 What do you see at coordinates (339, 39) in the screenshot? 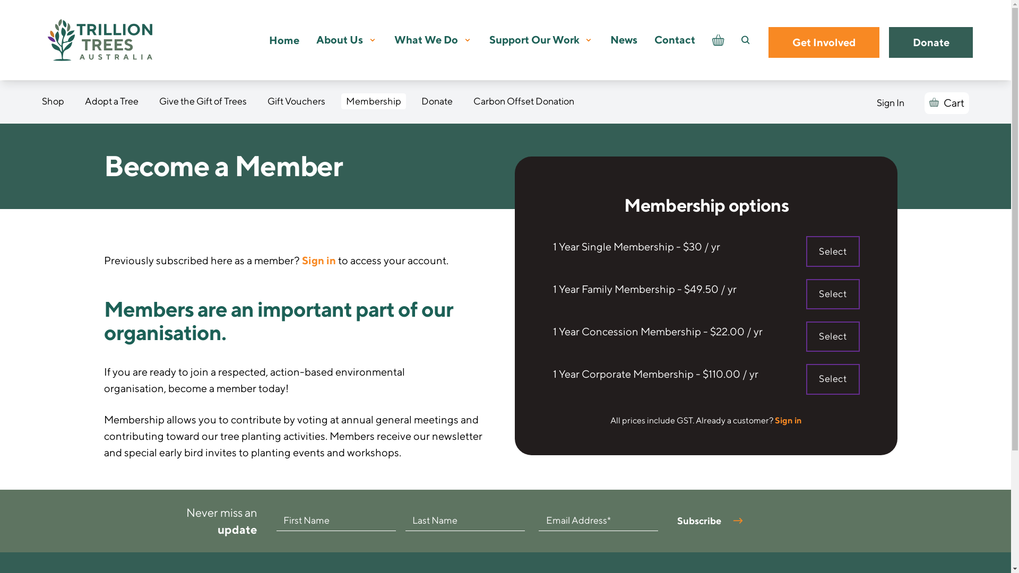
I see `'About Us'` at bounding box center [339, 39].